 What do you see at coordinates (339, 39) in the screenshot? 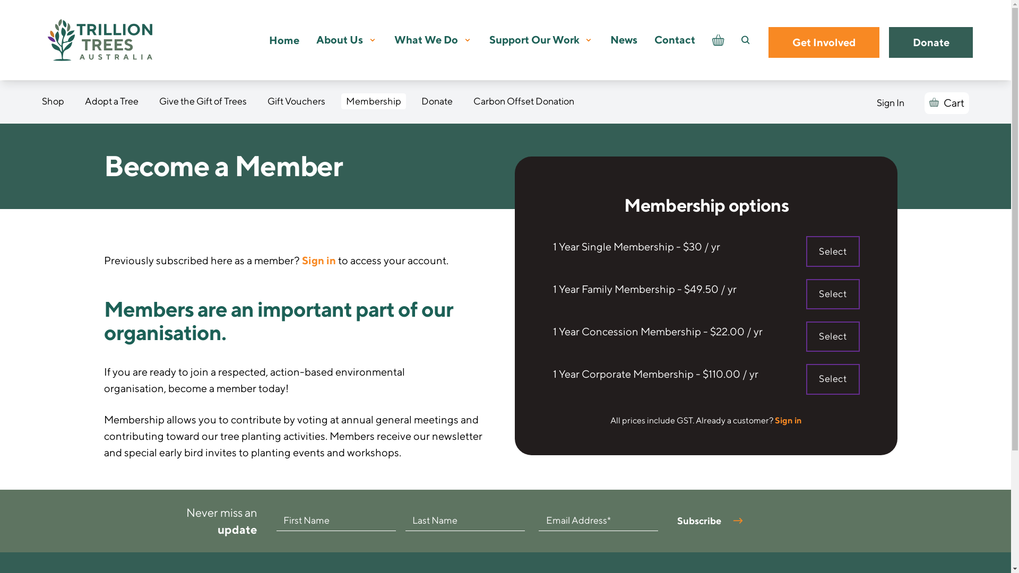
I see `'About Us'` at bounding box center [339, 39].